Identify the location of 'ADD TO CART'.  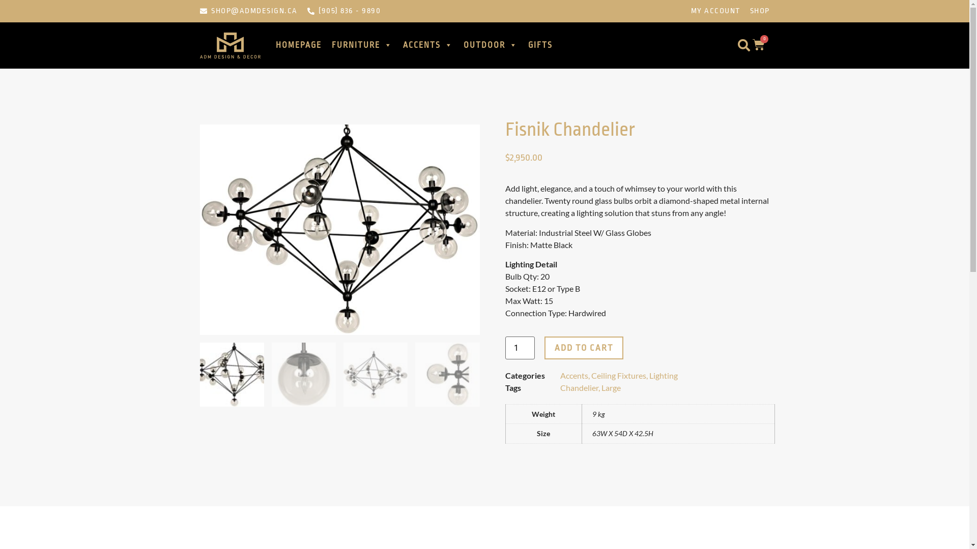
(584, 347).